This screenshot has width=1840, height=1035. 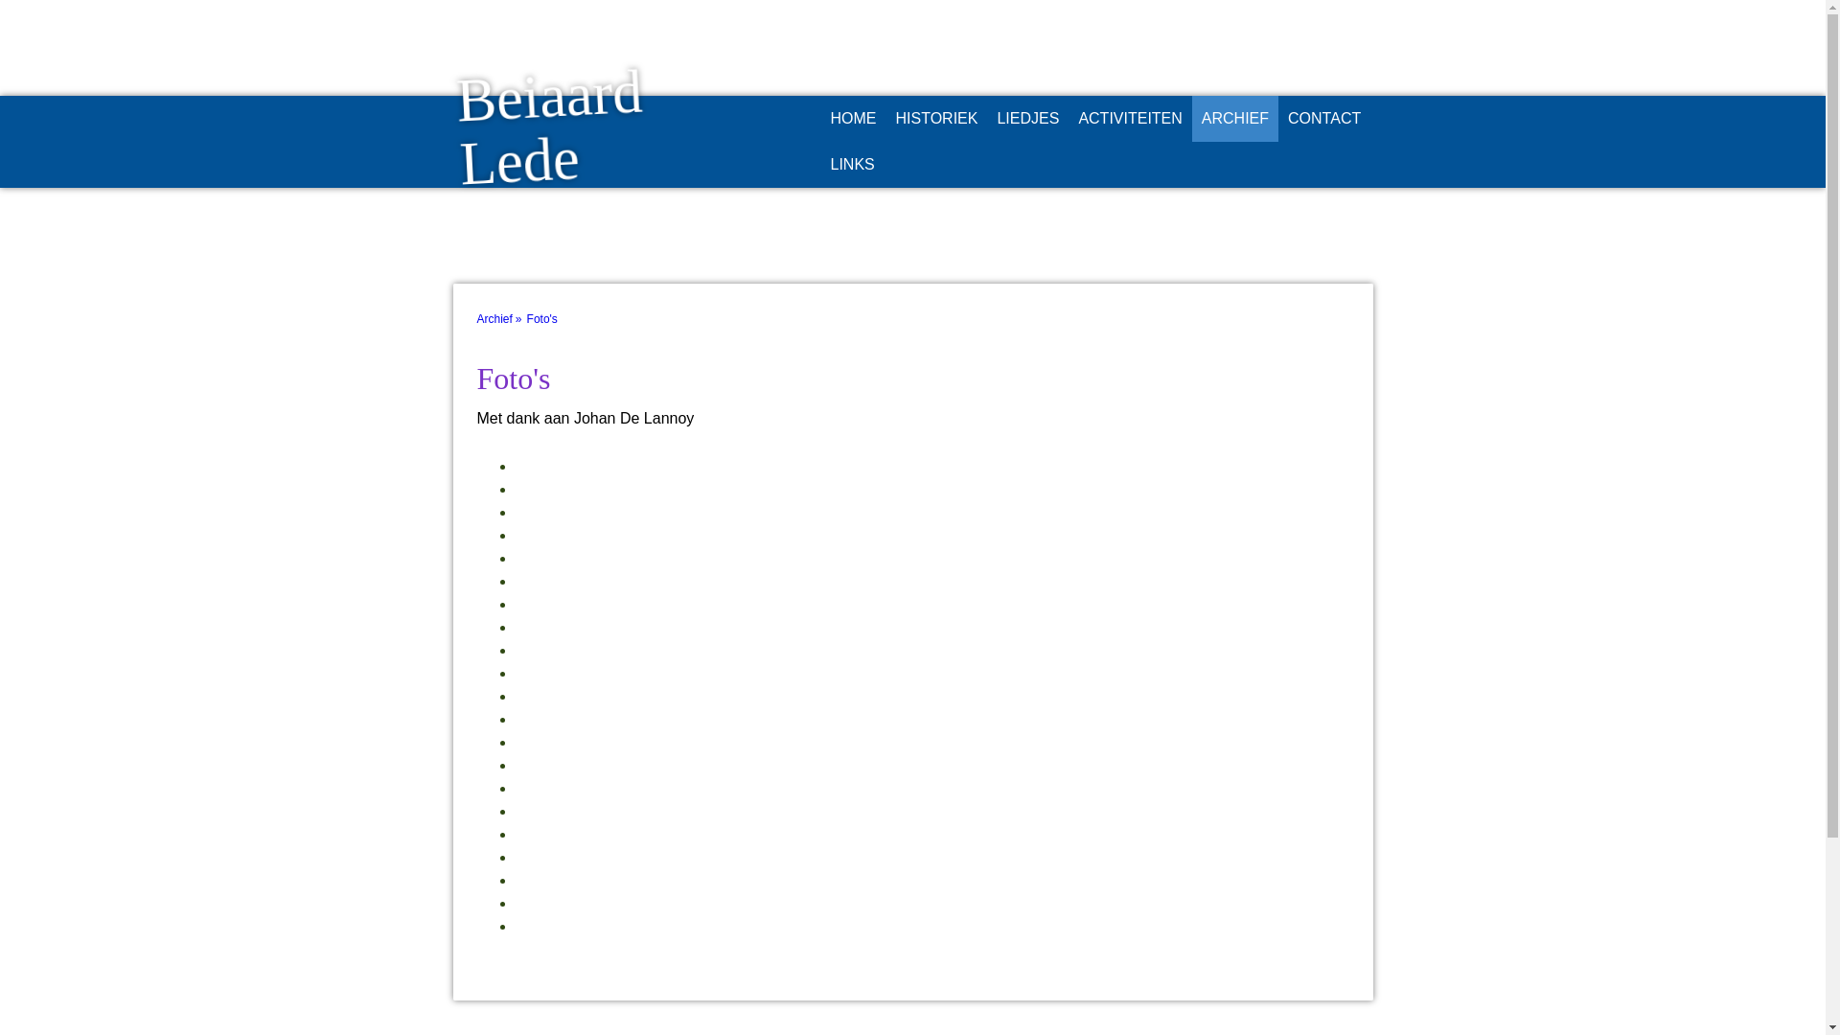 What do you see at coordinates (1235, 118) in the screenshot?
I see `'ARCHIEF'` at bounding box center [1235, 118].